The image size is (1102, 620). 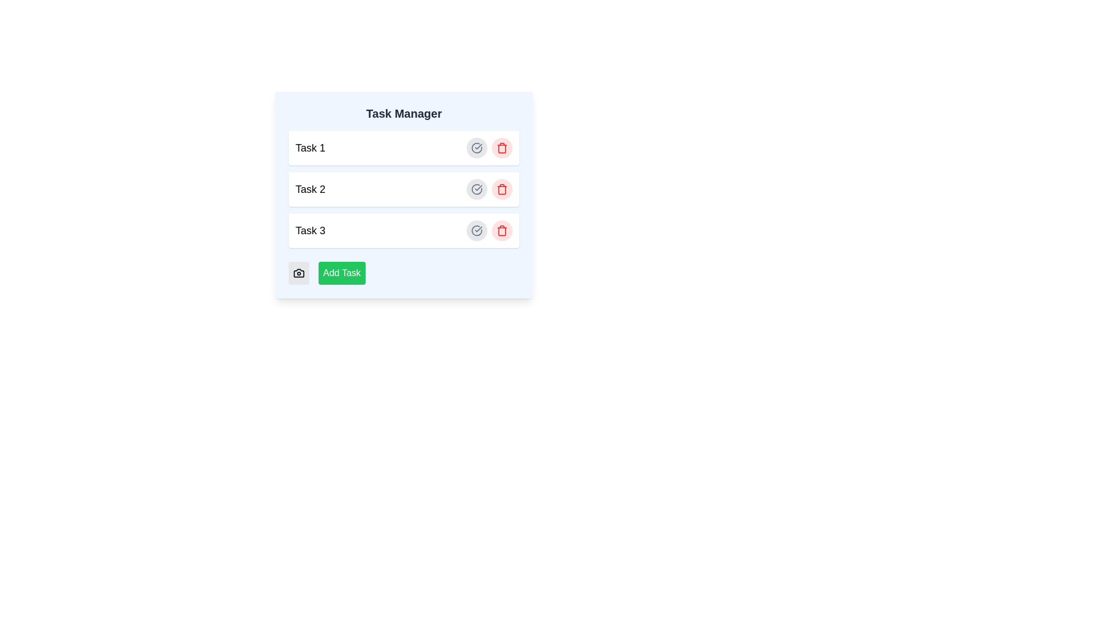 I want to click on the completion status icon (circle with checkmark) located in the third row of the task list, to the right of 'Task 3' and before the trash bin icon, so click(x=476, y=230).